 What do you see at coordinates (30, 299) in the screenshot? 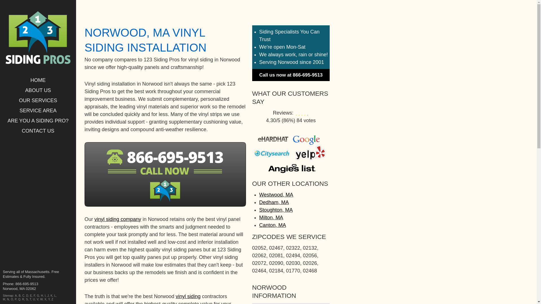
I see `'T'` at bounding box center [30, 299].